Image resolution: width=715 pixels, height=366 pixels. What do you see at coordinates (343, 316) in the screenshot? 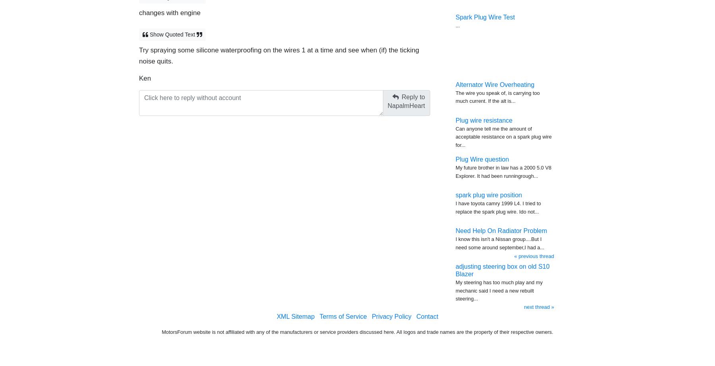
I see `'Terms of Service'` at bounding box center [343, 316].